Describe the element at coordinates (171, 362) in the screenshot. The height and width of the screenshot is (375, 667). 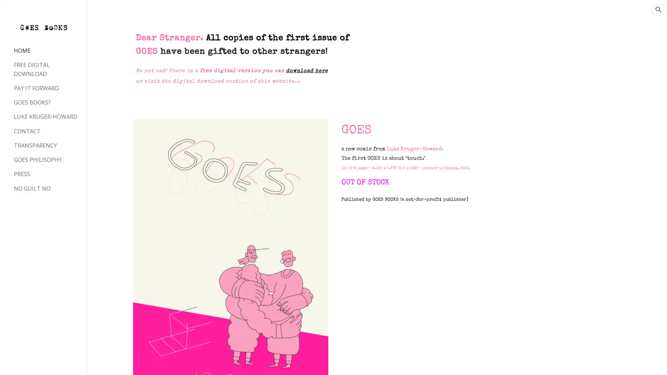
I see `Report abuse` at that location.